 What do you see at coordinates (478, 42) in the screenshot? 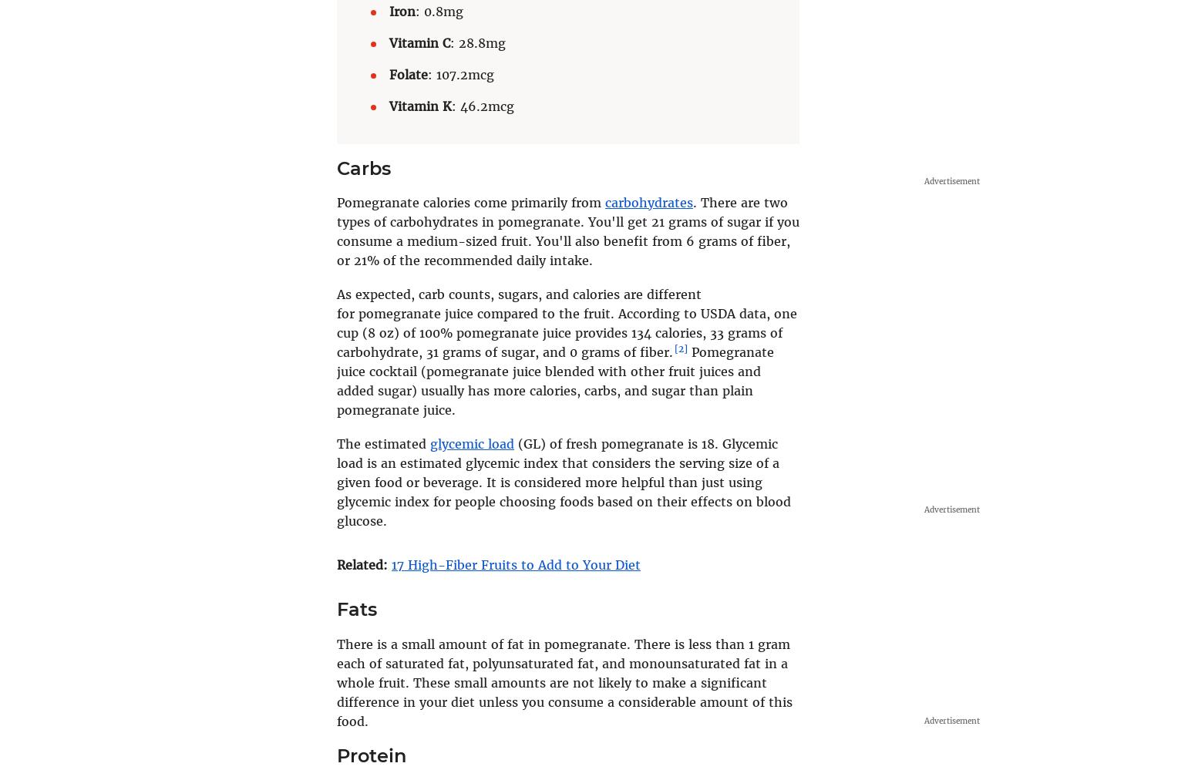
I see `': 28.8mg'` at bounding box center [478, 42].